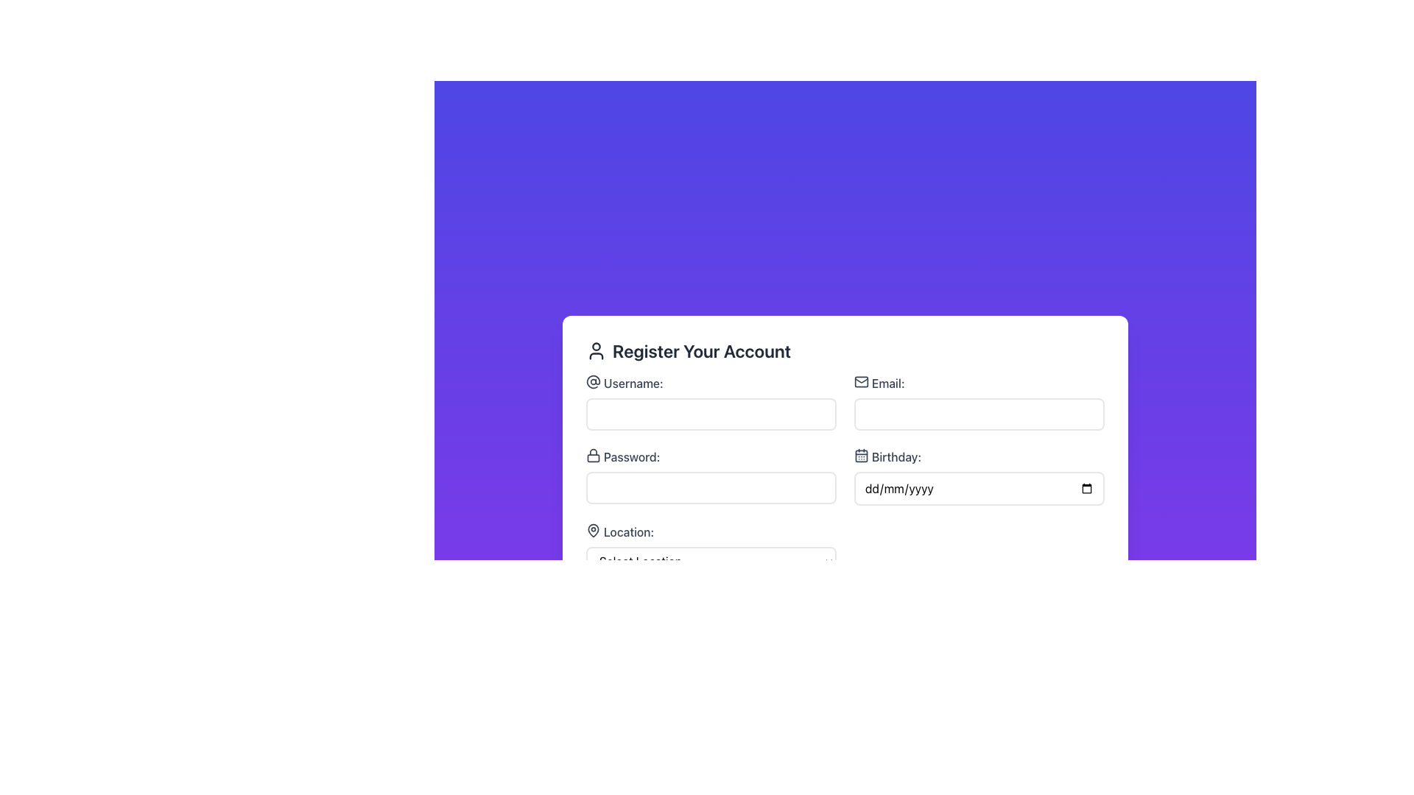 This screenshot has height=795, width=1414. I want to click on the lock icon, which has a simple and clean design with a rectangular base and a rounded shackle, located to the immediate left of the 'Password' field label, so click(594, 454).